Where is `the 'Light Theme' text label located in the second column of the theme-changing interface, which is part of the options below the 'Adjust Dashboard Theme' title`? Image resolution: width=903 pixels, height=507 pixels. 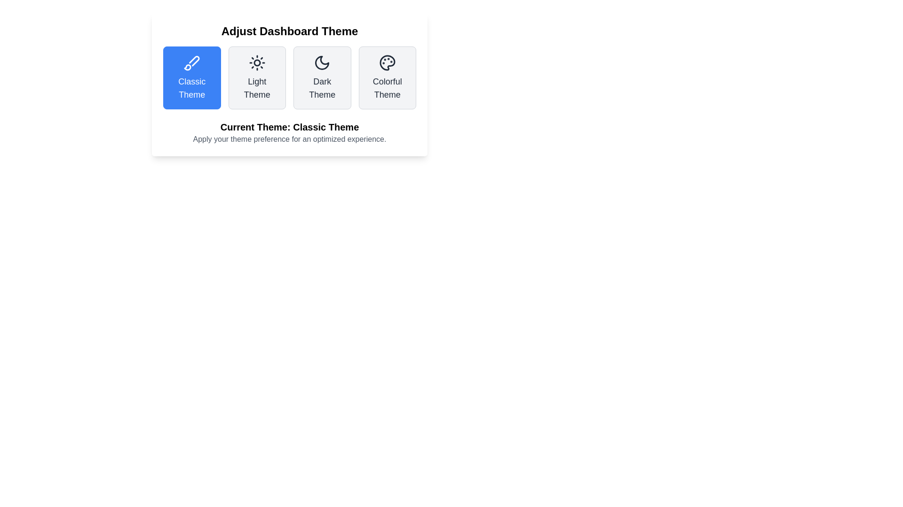 the 'Light Theme' text label located in the second column of the theme-changing interface, which is part of the options below the 'Adjust Dashboard Theme' title is located at coordinates (257, 88).